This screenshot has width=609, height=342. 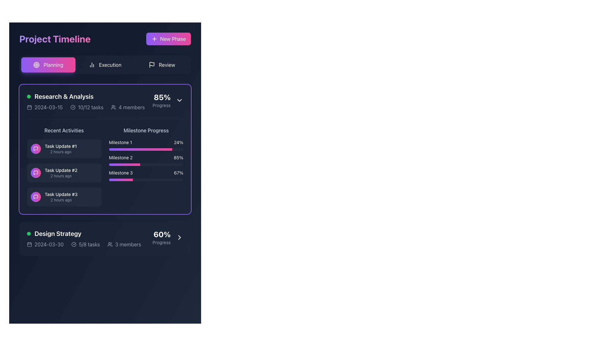 I want to click on the calendar icon located in the 'Design Strategy' section, positioned to the immediate left of the date text '2024-03-30', so click(x=29, y=244).